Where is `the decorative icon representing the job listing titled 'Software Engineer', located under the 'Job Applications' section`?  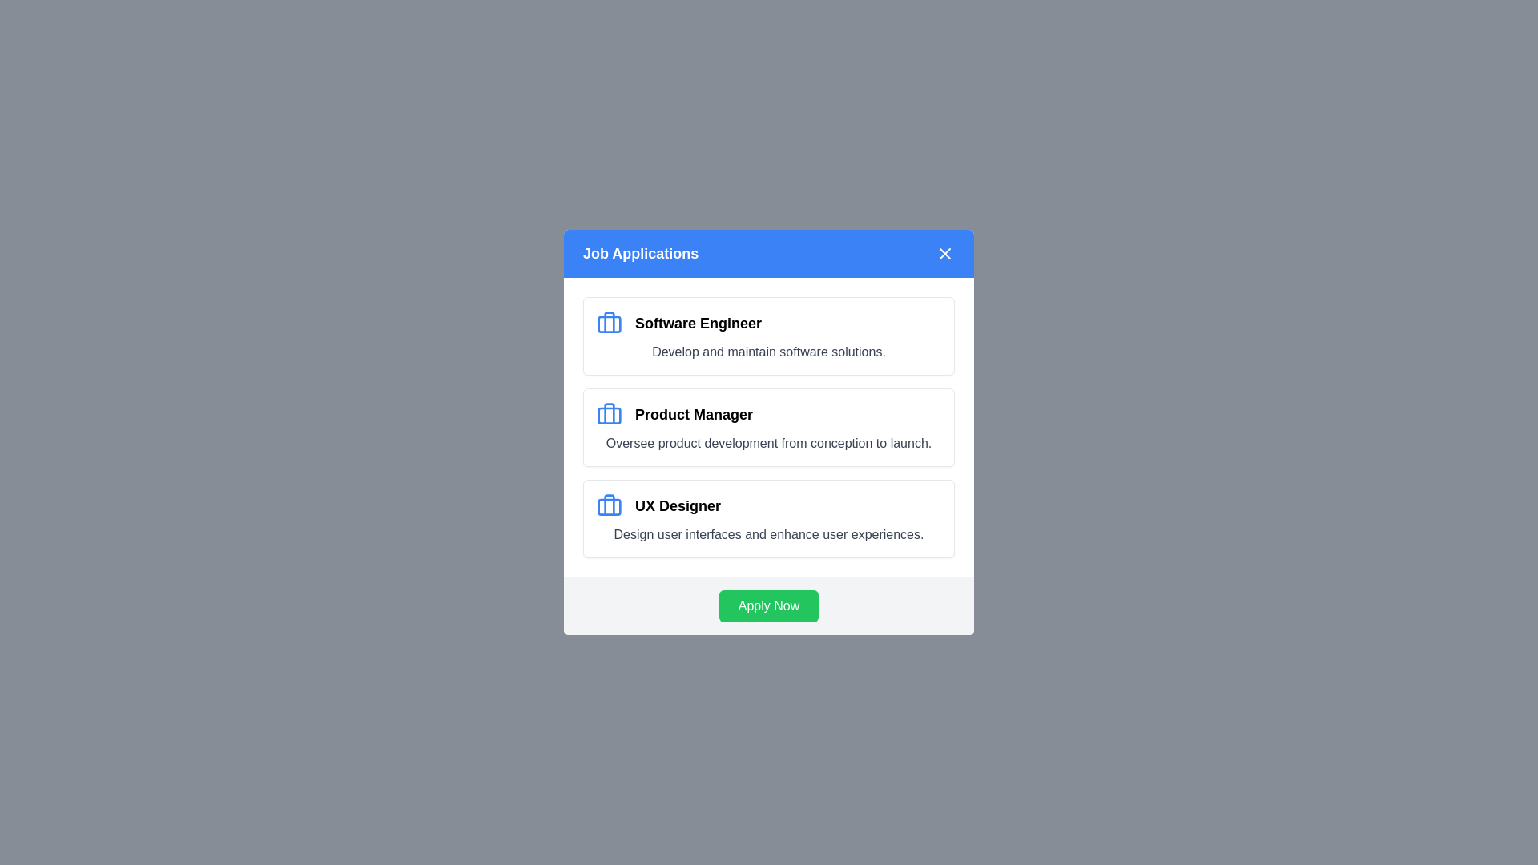
the decorative icon representing the job listing titled 'Software Engineer', located under the 'Job Applications' section is located at coordinates (609, 324).